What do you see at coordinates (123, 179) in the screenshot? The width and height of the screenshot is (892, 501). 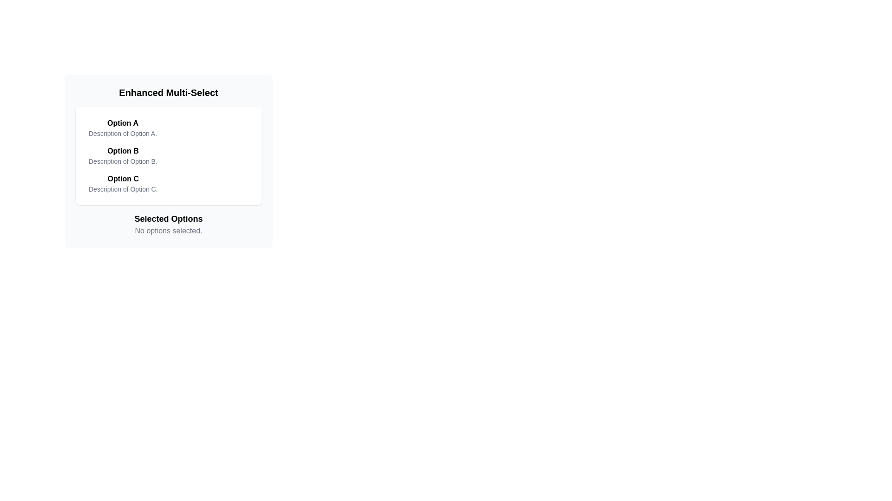 I see `bolded text element displaying 'Option C', which is the third item in the vertical list under 'Enhanced Multi-Select'` at bounding box center [123, 179].